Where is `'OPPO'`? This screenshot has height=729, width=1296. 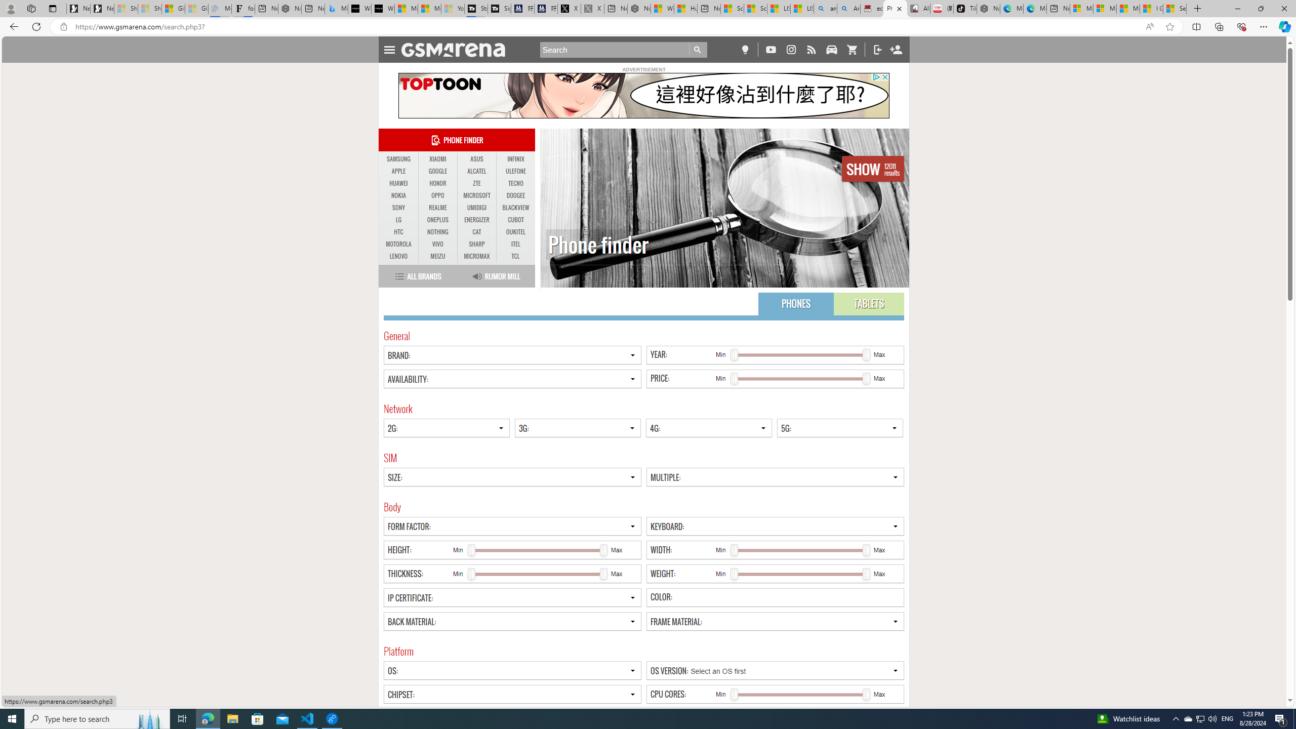
'OPPO' is located at coordinates (437, 195).